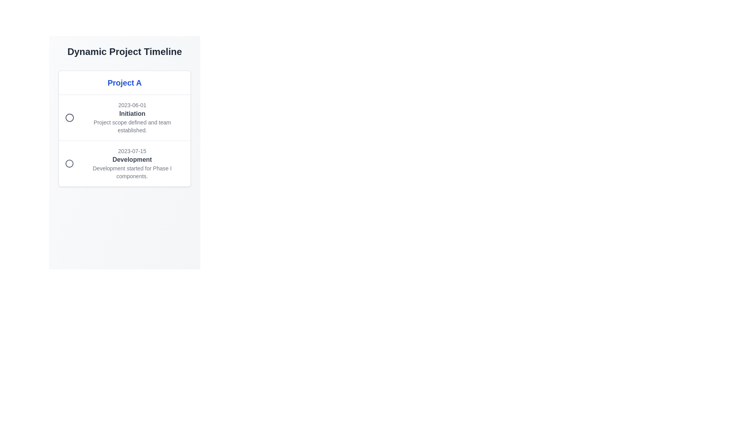  I want to click on the static text displaying the date '2023-06-01' in gray font, located at the top of the 'Initiation' section in the dynamic project timeline interface, so click(132, 104).